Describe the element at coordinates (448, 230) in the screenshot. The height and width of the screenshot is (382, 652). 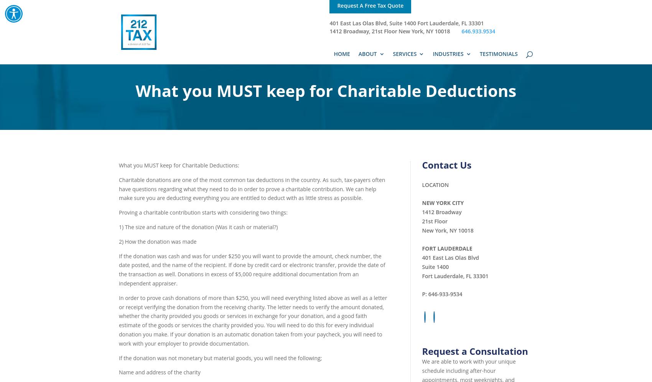
I see `'New York, NY 10018'` at that location.